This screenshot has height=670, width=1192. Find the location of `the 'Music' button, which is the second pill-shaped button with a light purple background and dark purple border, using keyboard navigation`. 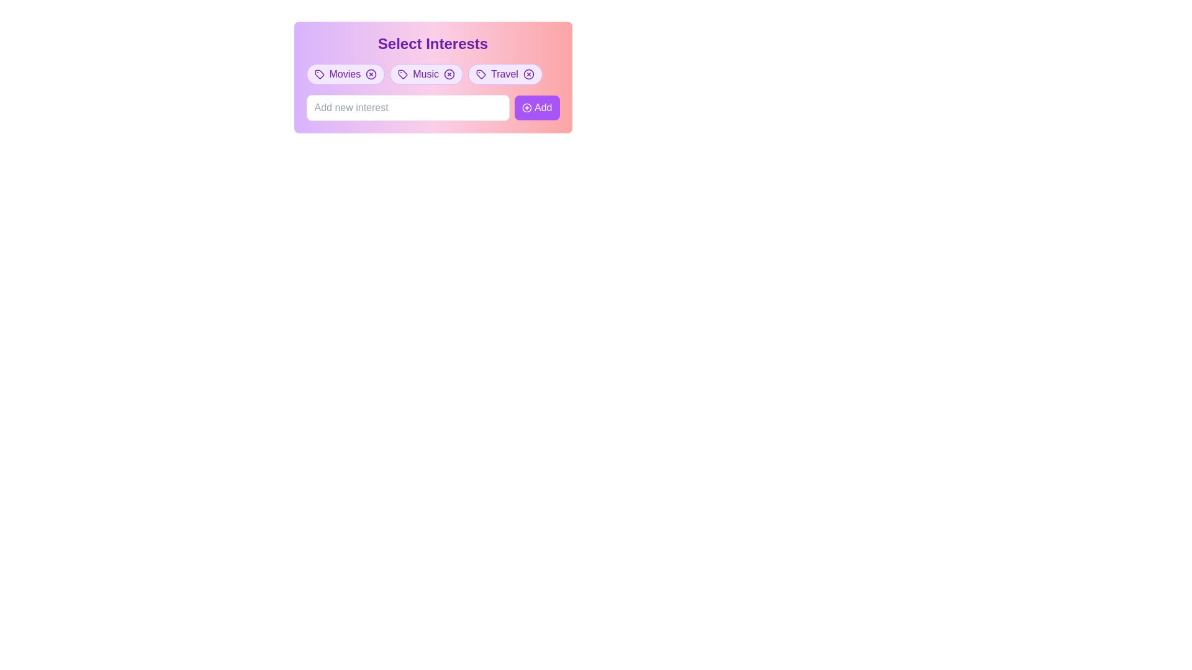

the 'Music' button, which is the second pill-shaped button with a light purple background and dark purple border, using keyboard navigation is located at coordinates (427, 74).